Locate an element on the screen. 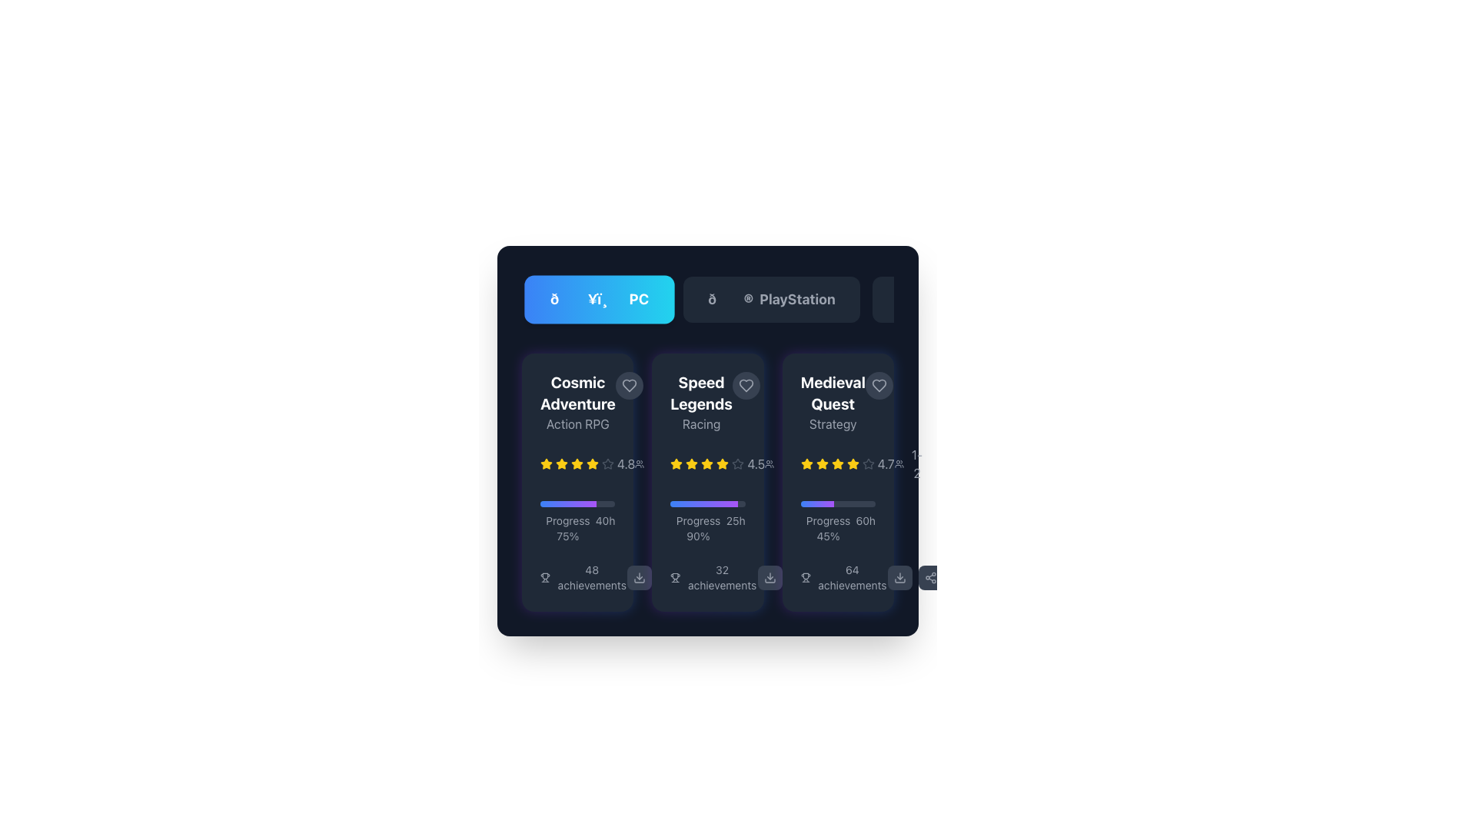  the star icon that represents the fractional portion of a 4.5-star rating for 'Speed Legends', located in the middle of the three displayed game cards is located at coordinates (738, 463).